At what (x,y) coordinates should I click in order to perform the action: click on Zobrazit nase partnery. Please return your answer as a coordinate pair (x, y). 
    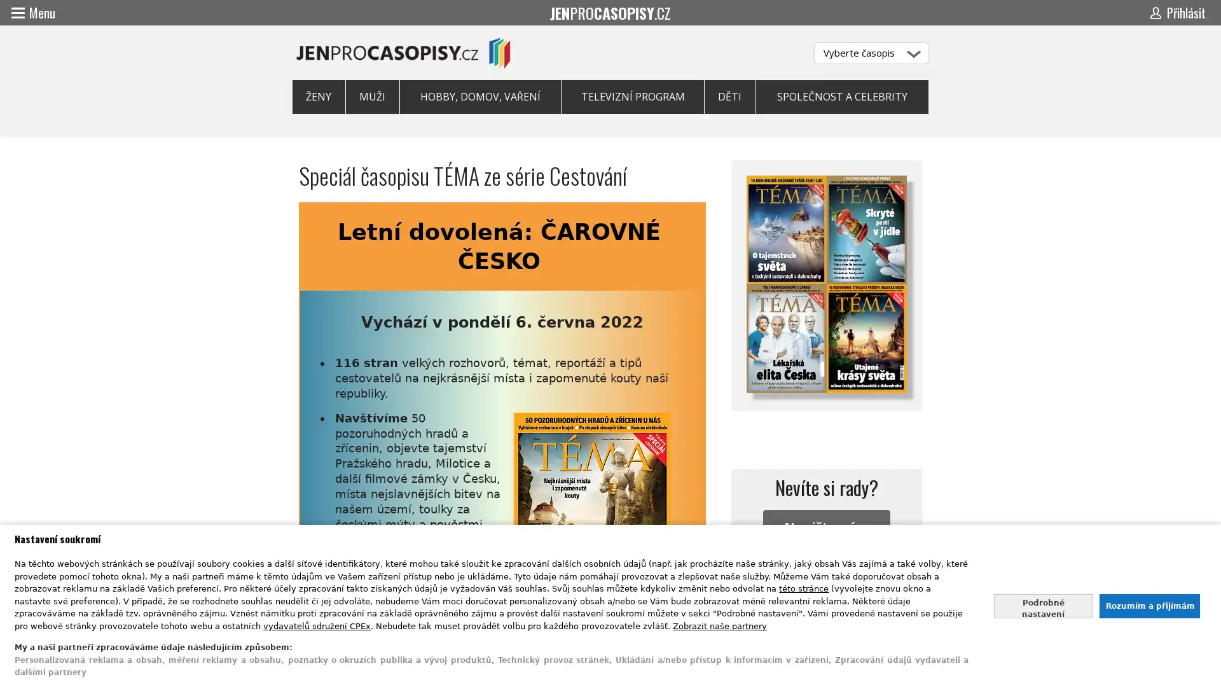
    Looking at the image, I should click on (720, 625).